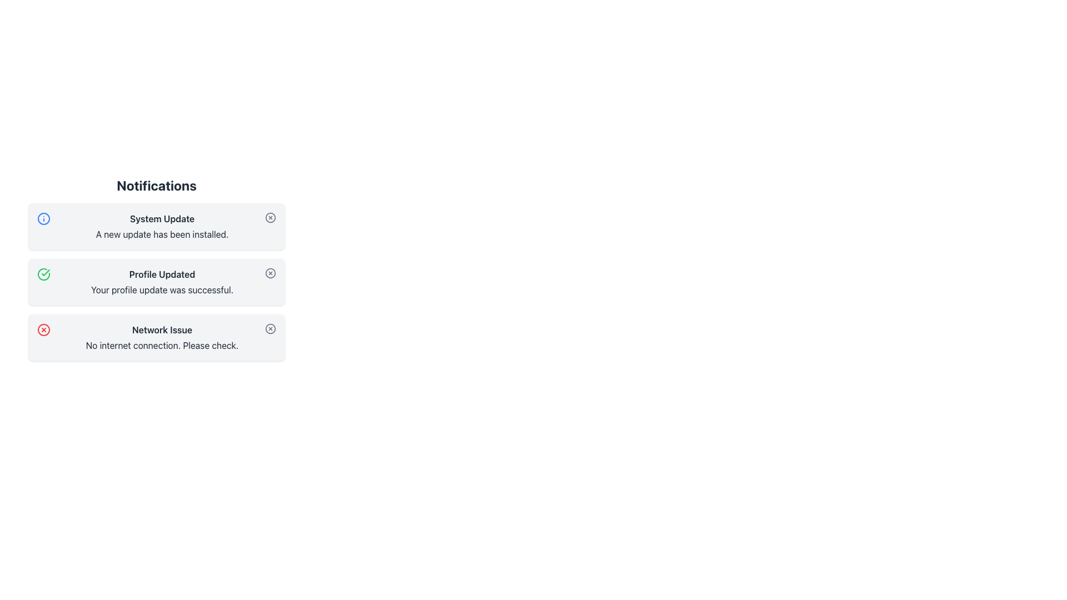  I want to click on the third notification item in the vertical list that alerts about network connectivity issues, so click(162, 337).